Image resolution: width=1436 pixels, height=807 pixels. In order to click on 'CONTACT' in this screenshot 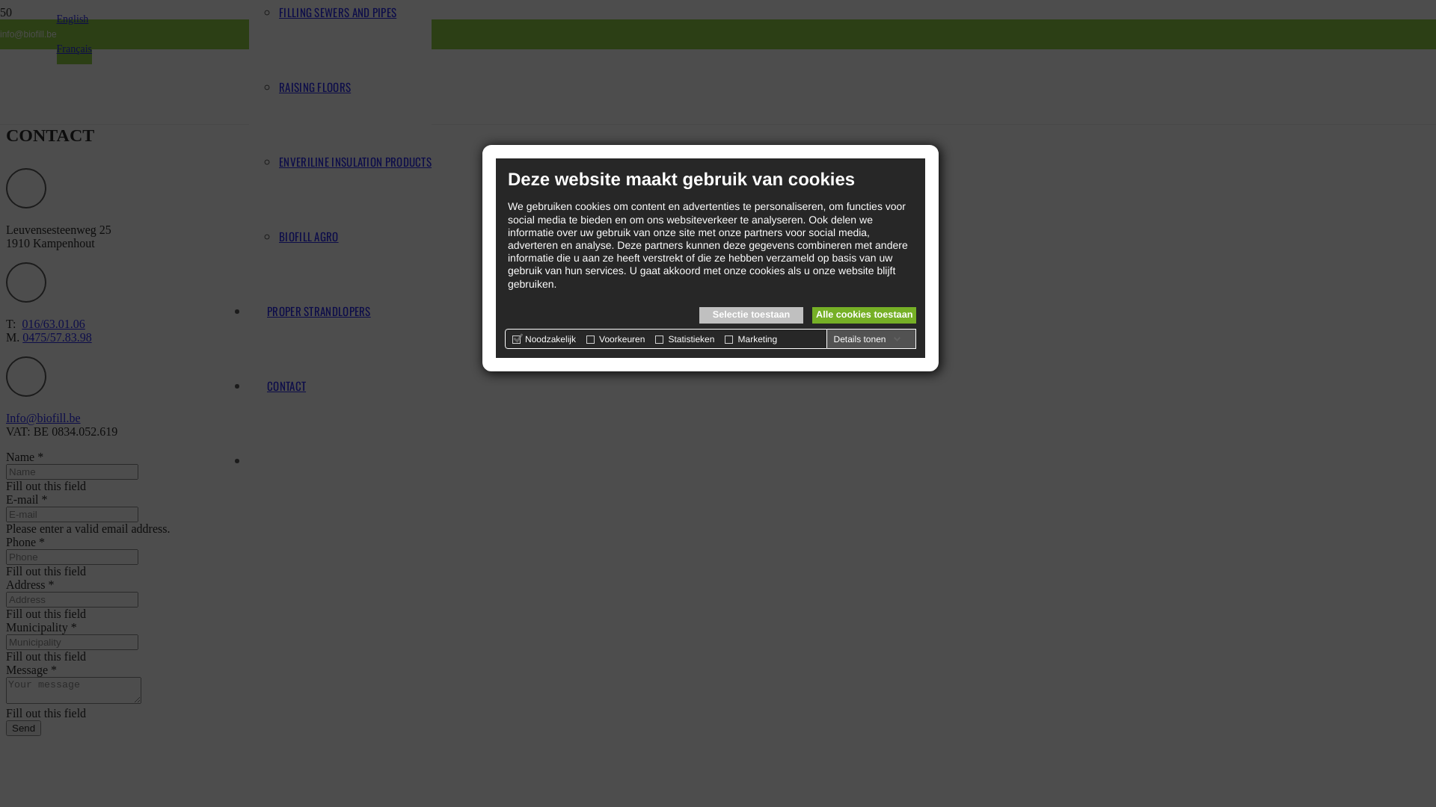, I will do `click(286, 385)`.